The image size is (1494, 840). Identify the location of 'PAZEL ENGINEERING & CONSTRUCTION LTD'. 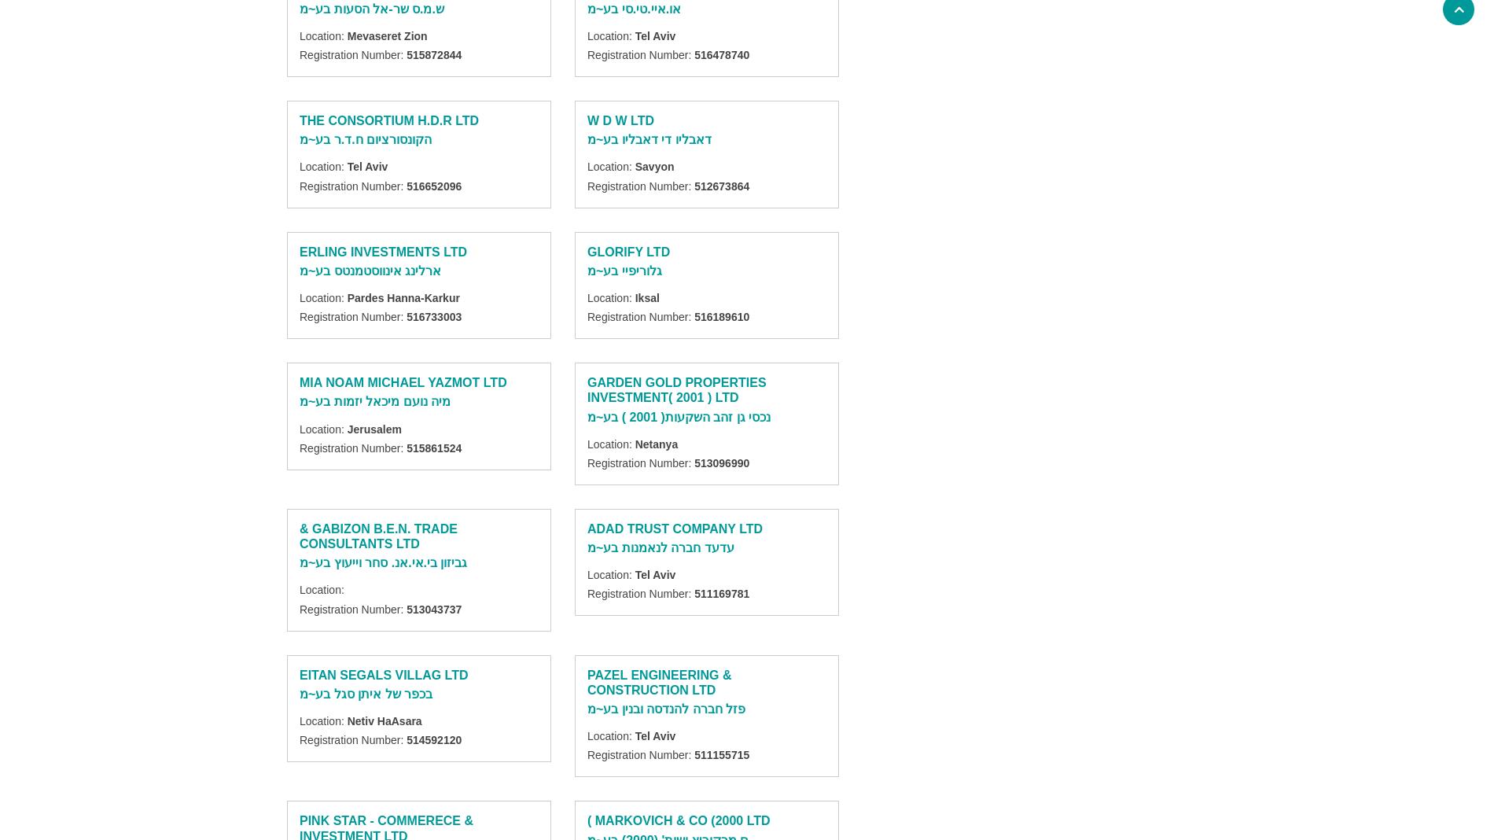
(658, 681).